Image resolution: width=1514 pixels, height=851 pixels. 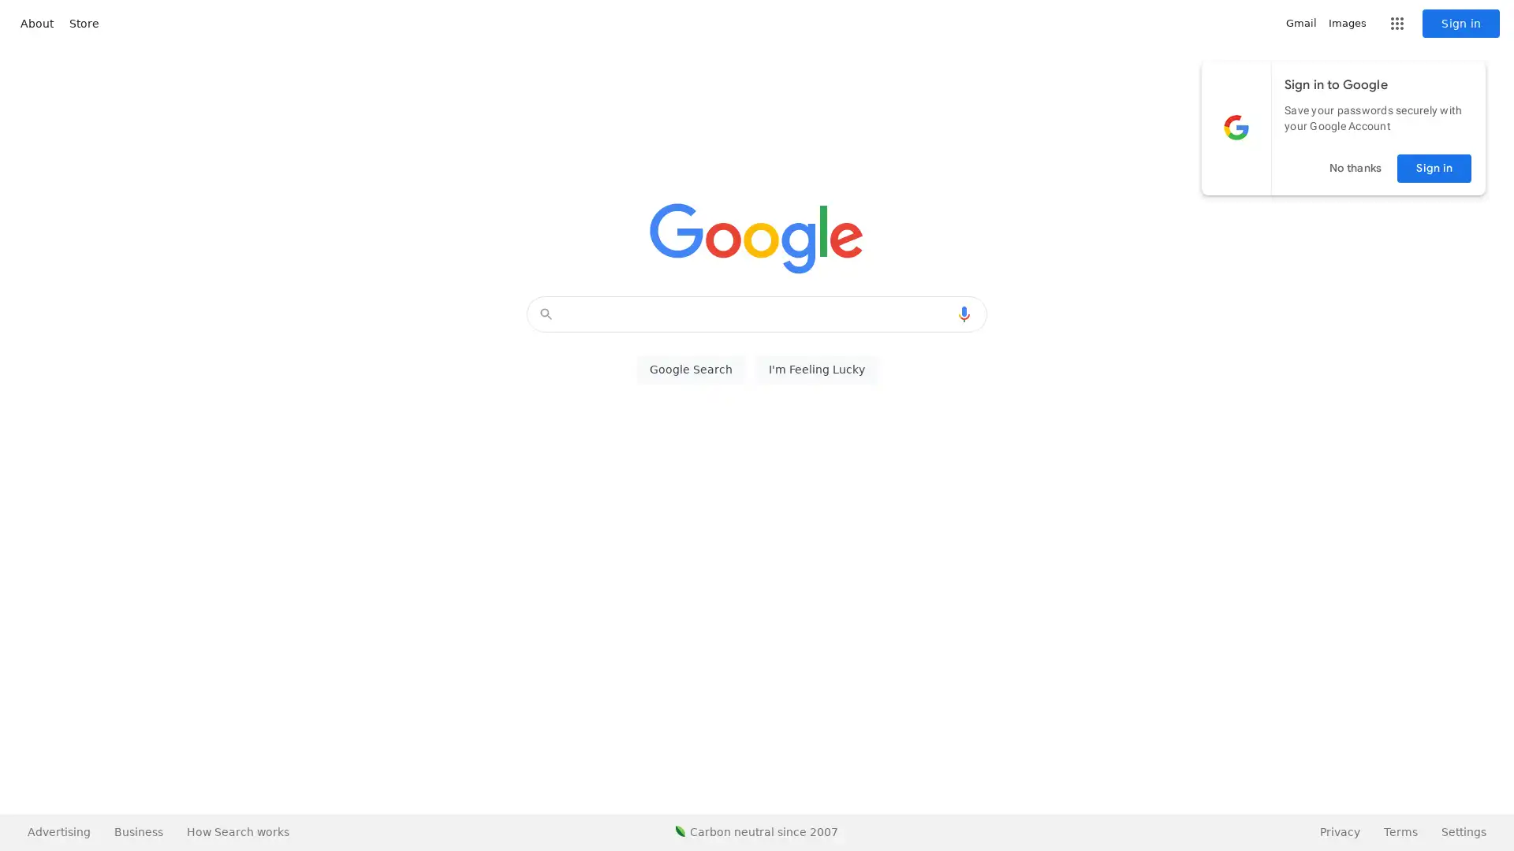 I want to click on Search by voice, so click(x=964, y=314).